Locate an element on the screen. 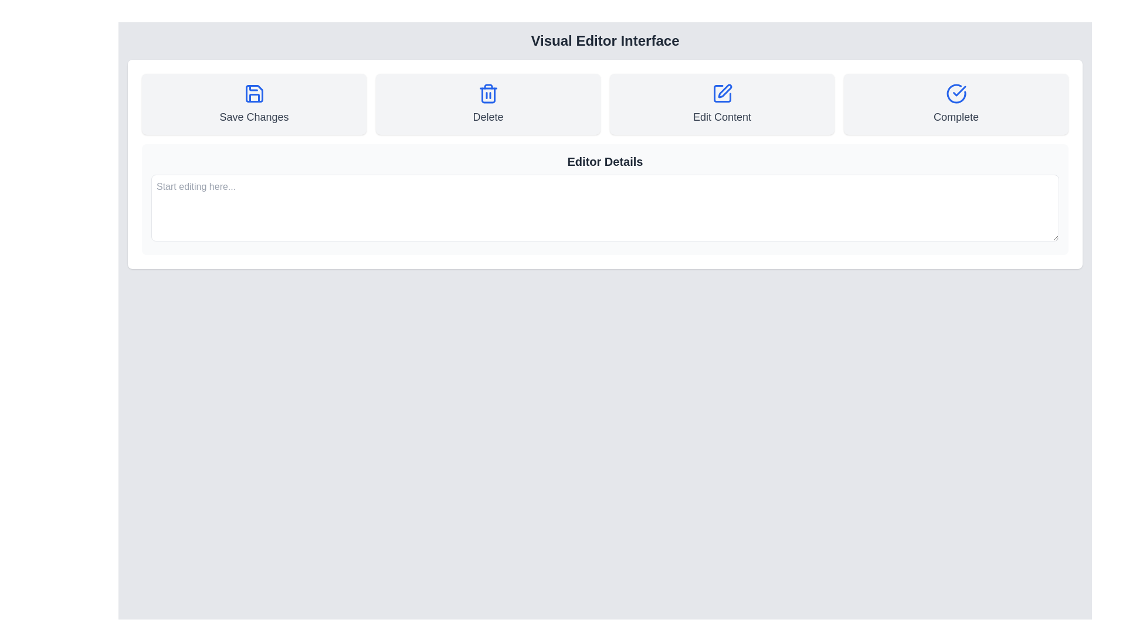  the 'Complete' button located in the upper-right corner of the interface, which has a light gray background and a blue circular checkmark icon above the text 'Complete' is located at coordinates (956, 103).